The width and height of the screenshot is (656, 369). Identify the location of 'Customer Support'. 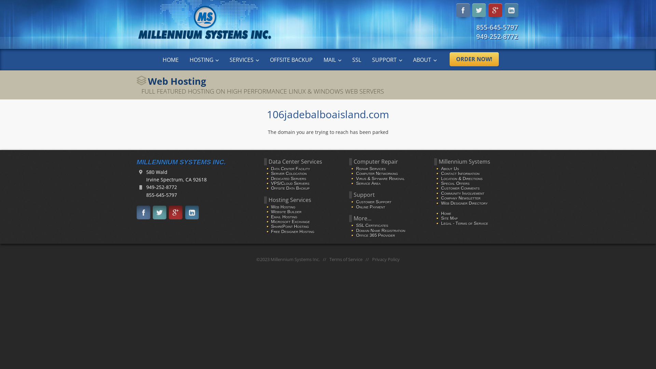
(373, 201).